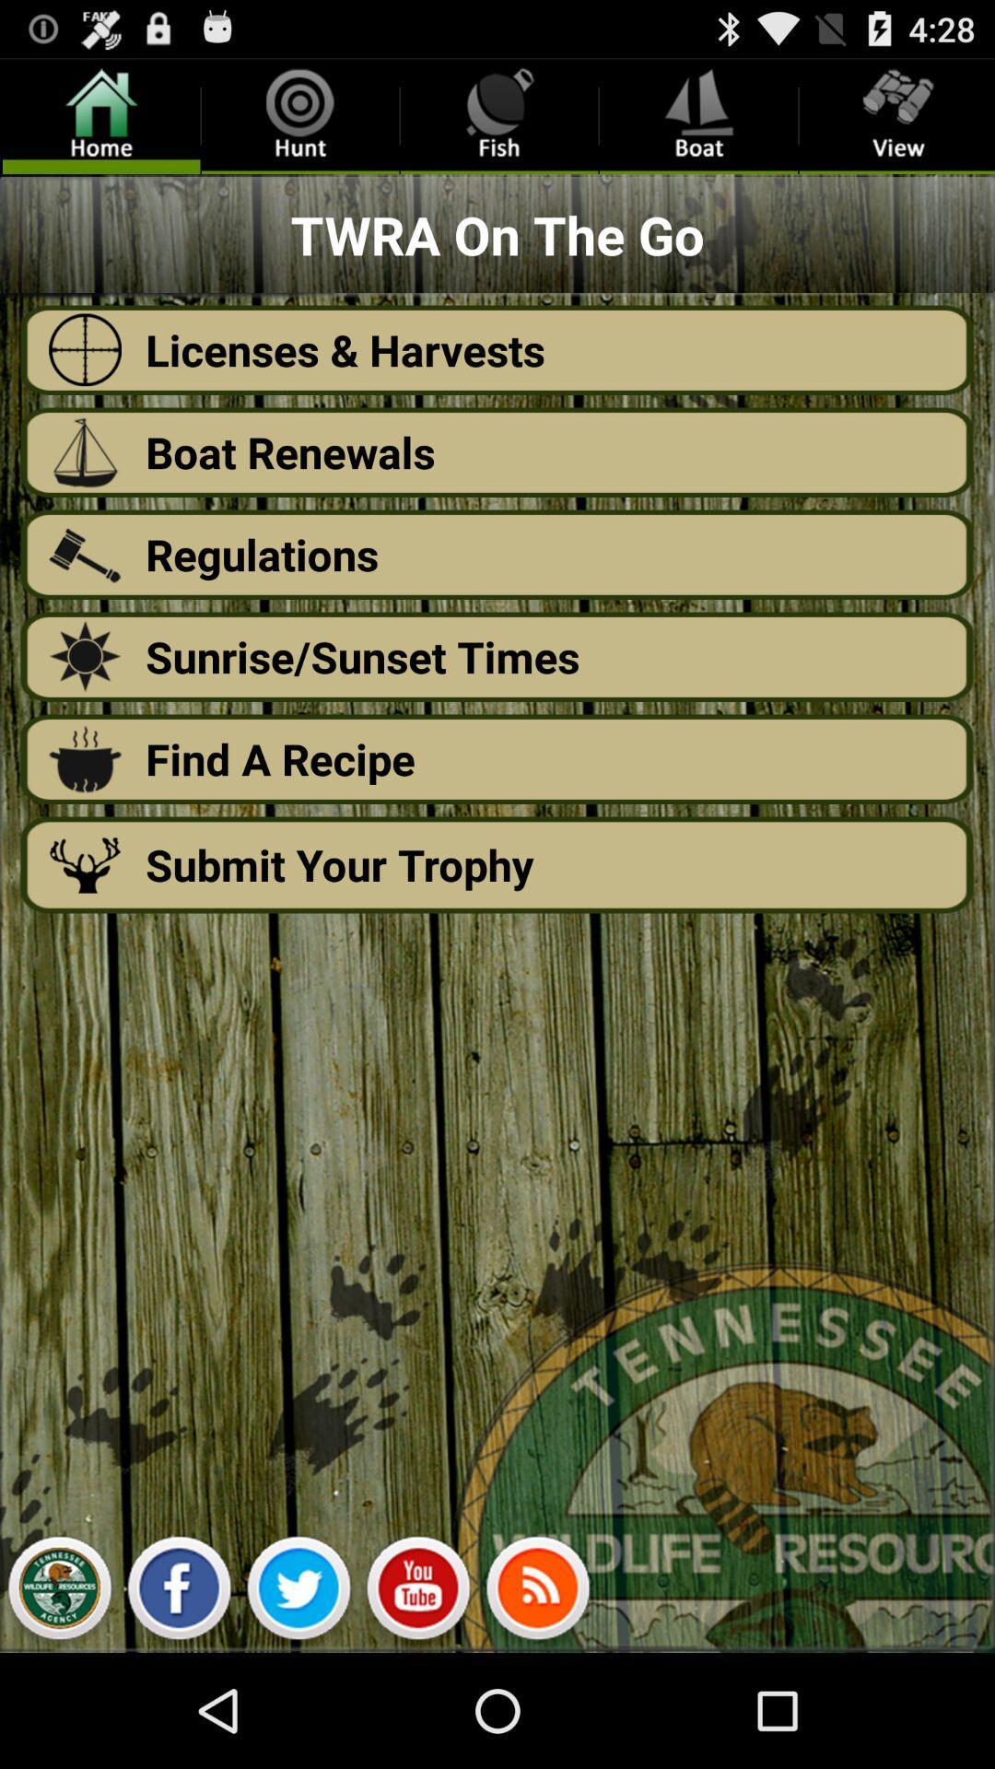 Image resolution: width=995 pixels, height=1769 pixels. I want to click on wifi button, so click(537, 1592).